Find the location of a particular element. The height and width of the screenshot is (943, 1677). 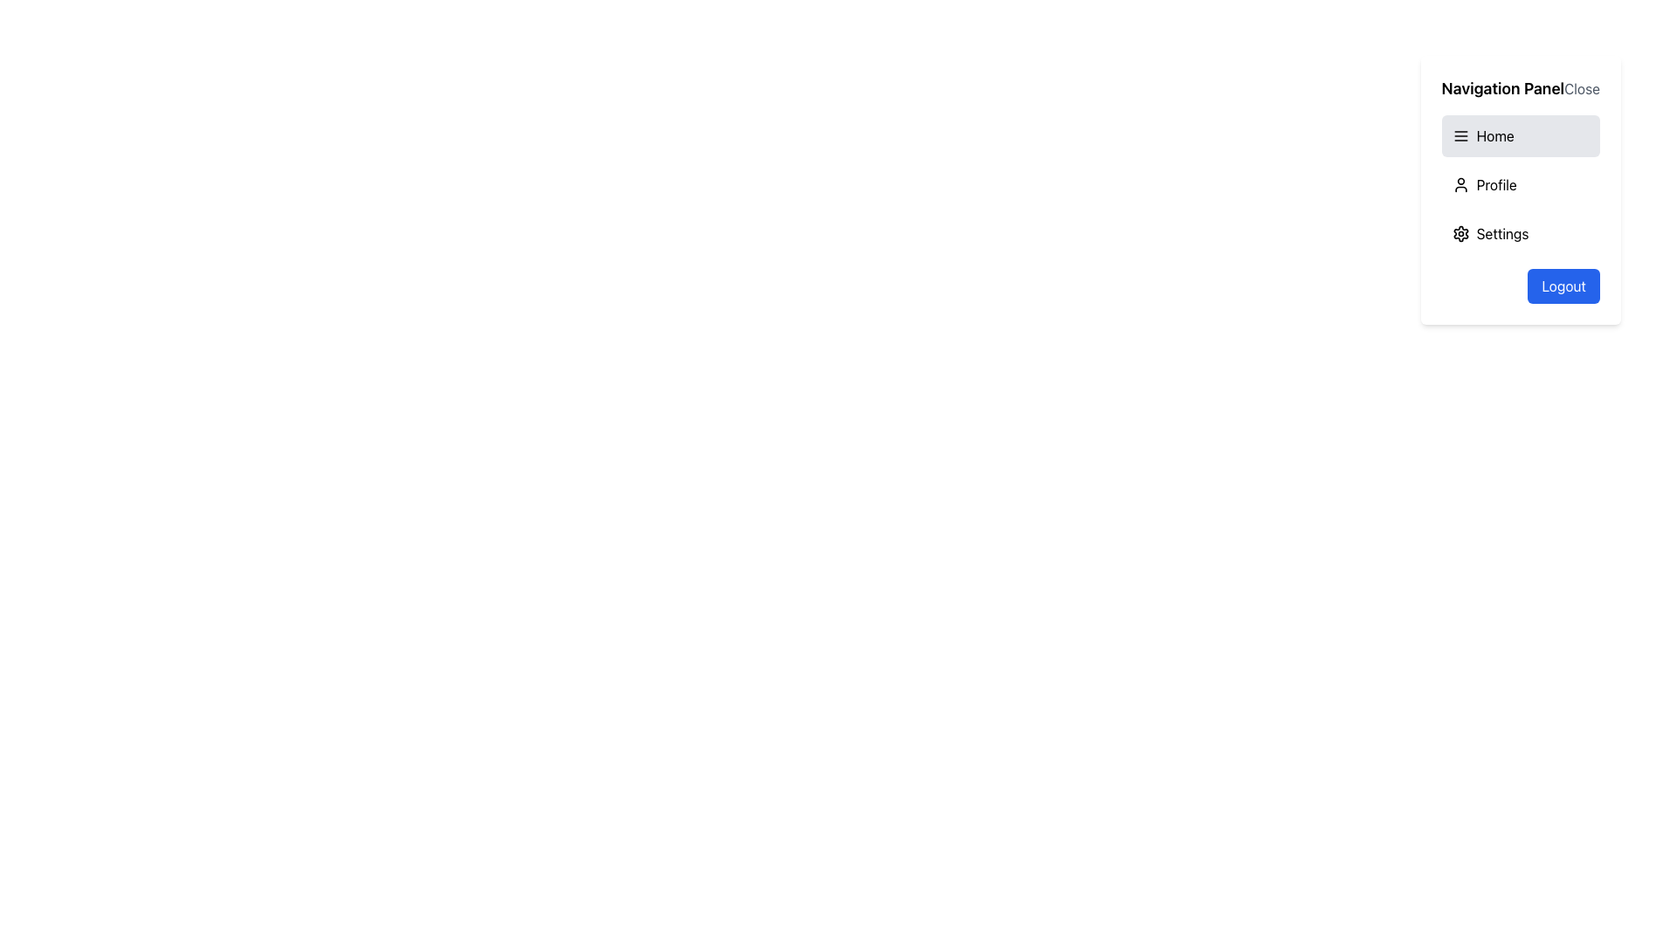

the gear icon located in the navigation panel is located at coordinates (1460, 232).